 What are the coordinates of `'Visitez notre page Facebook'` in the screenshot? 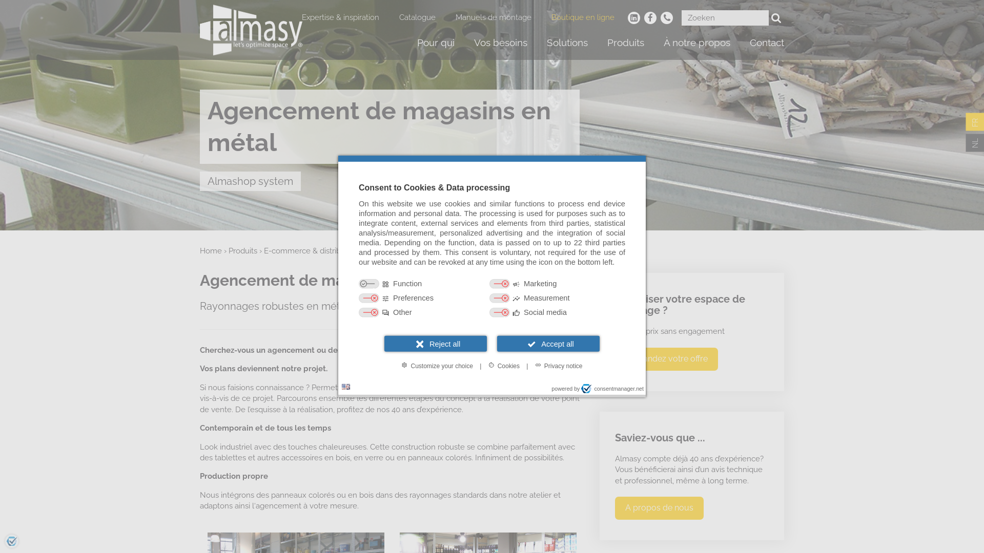 It's located at (649, 17).